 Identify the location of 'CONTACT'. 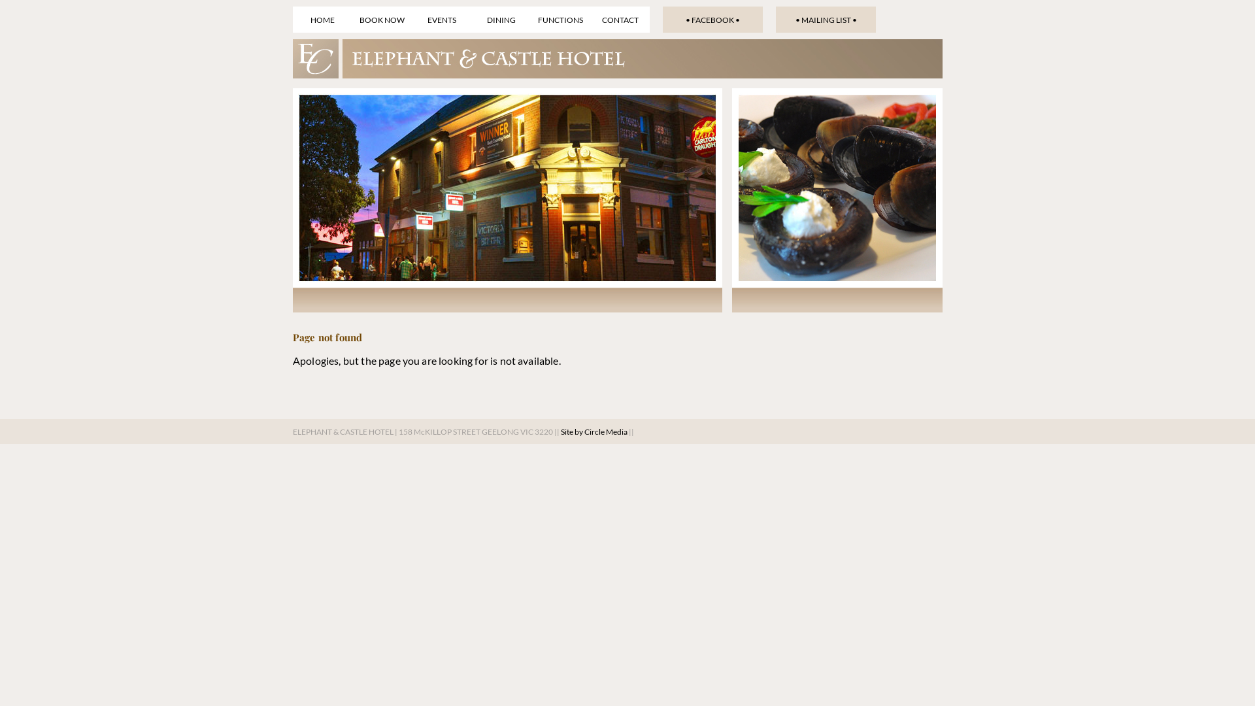
(619, 20).